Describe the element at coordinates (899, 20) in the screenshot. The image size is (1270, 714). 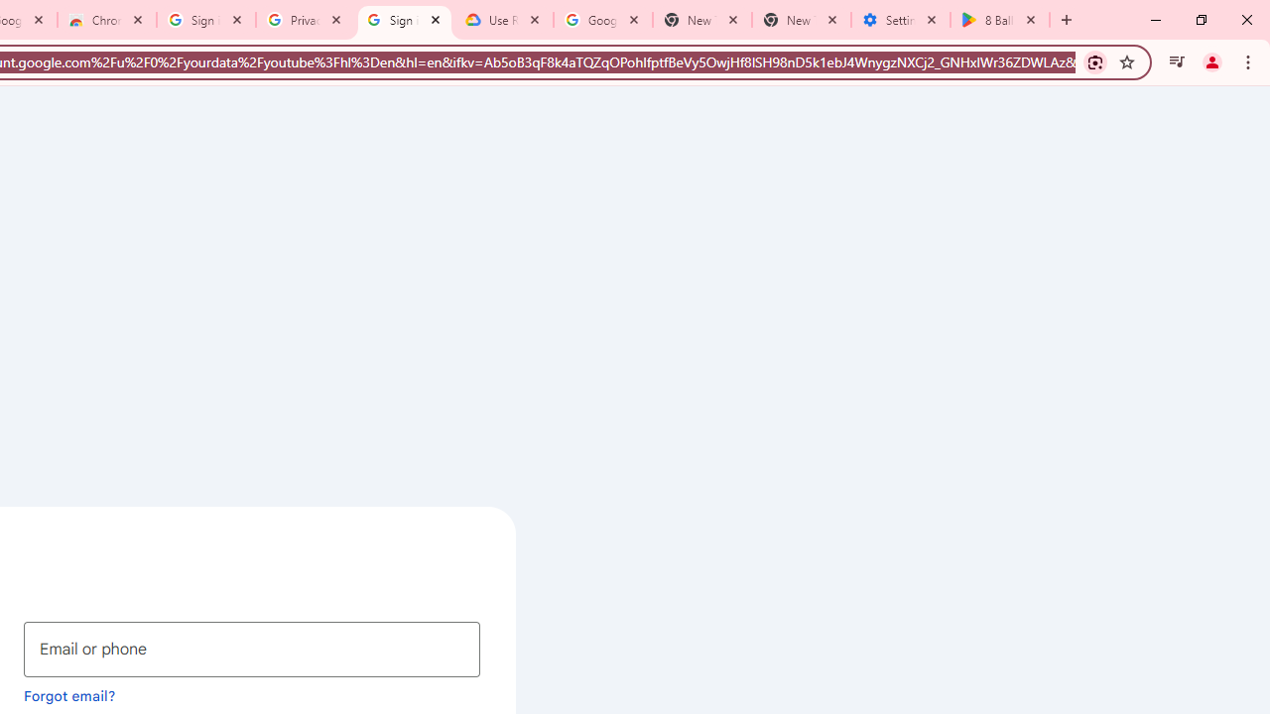
I see `'Settings - System'` at that location.